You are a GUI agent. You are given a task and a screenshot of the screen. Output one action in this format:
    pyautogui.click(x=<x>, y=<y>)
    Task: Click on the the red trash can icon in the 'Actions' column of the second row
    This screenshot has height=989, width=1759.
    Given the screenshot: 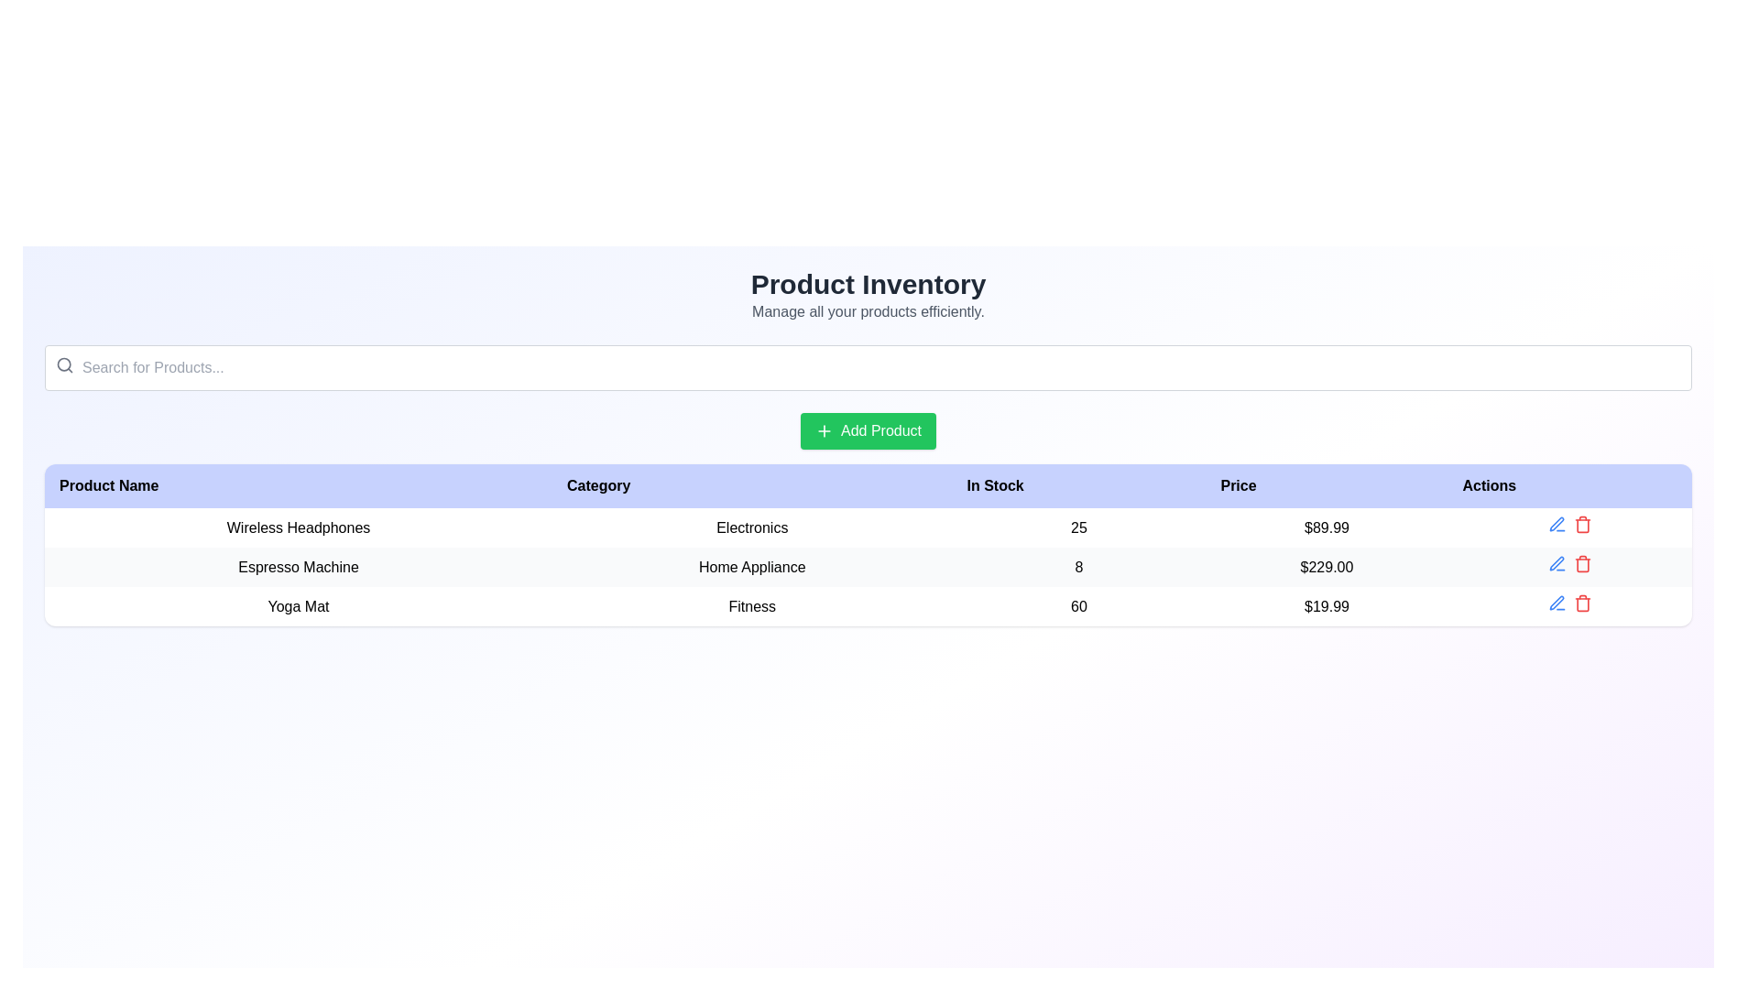 What is the action you would take?
    pyautogui.click(x=1581, y=563)
    